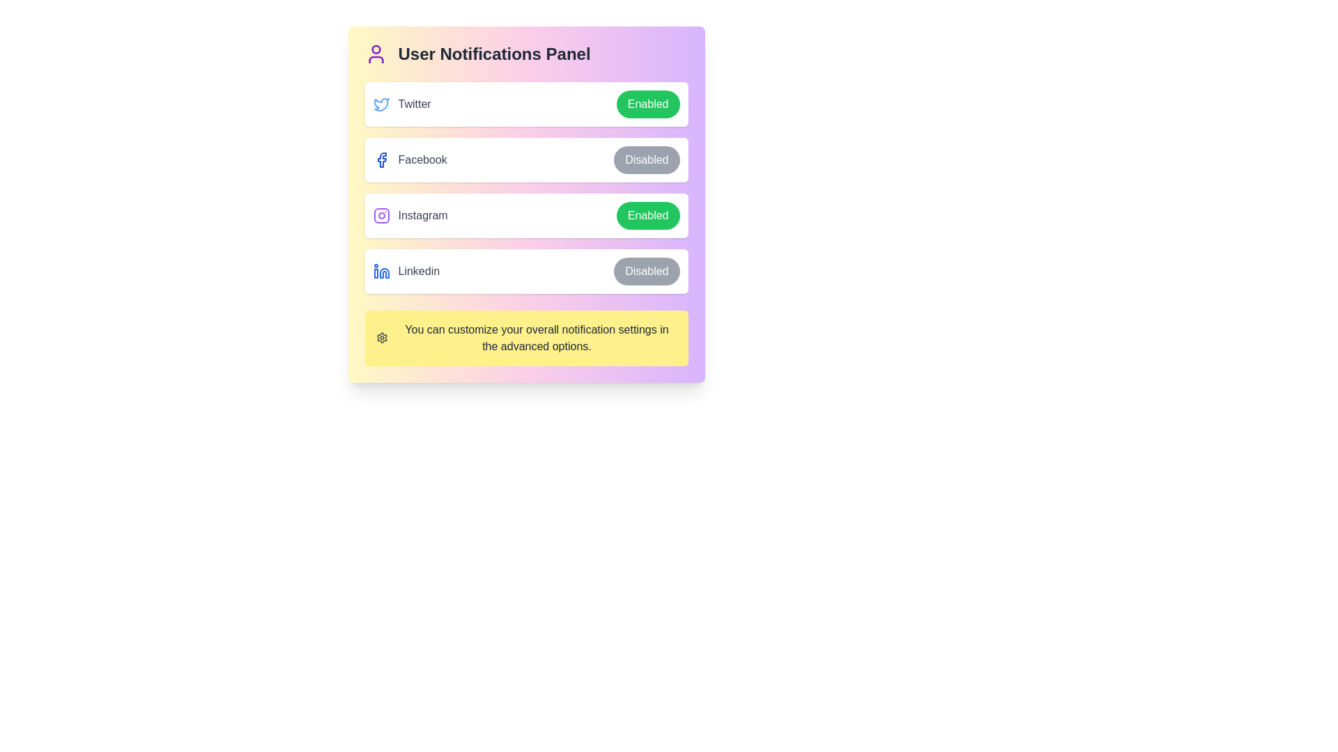  What do you see at coordinates (647, 215) in the screenshot?
I see `the toggle button for Instagram notifications located in the User Notifications Panel, which is the third row from the top` at bounding box center [647, 215].